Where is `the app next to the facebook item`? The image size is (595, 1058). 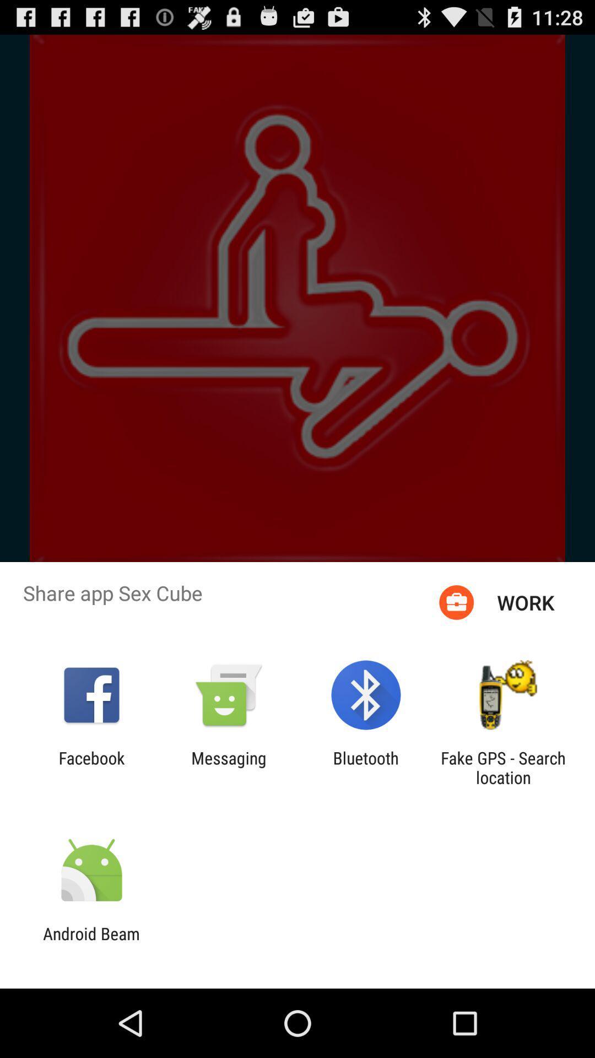
the app next to the facebook item is located at coordinates (228, 767).